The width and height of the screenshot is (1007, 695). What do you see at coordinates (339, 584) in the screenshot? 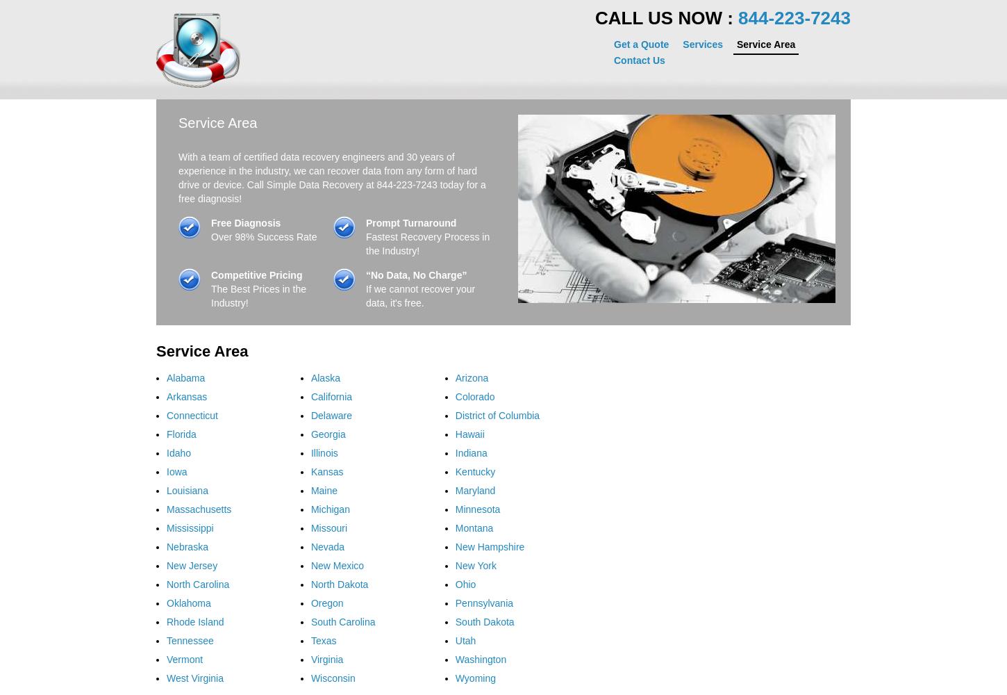
I see `'North Dakota'` at bounding box center [339, 584].